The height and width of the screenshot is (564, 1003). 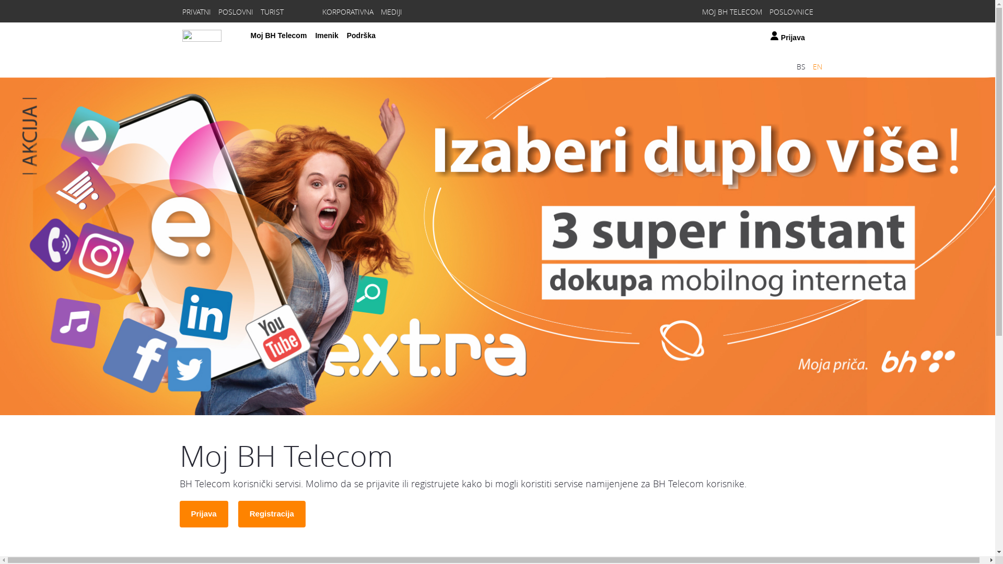 I want to click on 'Registracija', so click(x=238, y=513).